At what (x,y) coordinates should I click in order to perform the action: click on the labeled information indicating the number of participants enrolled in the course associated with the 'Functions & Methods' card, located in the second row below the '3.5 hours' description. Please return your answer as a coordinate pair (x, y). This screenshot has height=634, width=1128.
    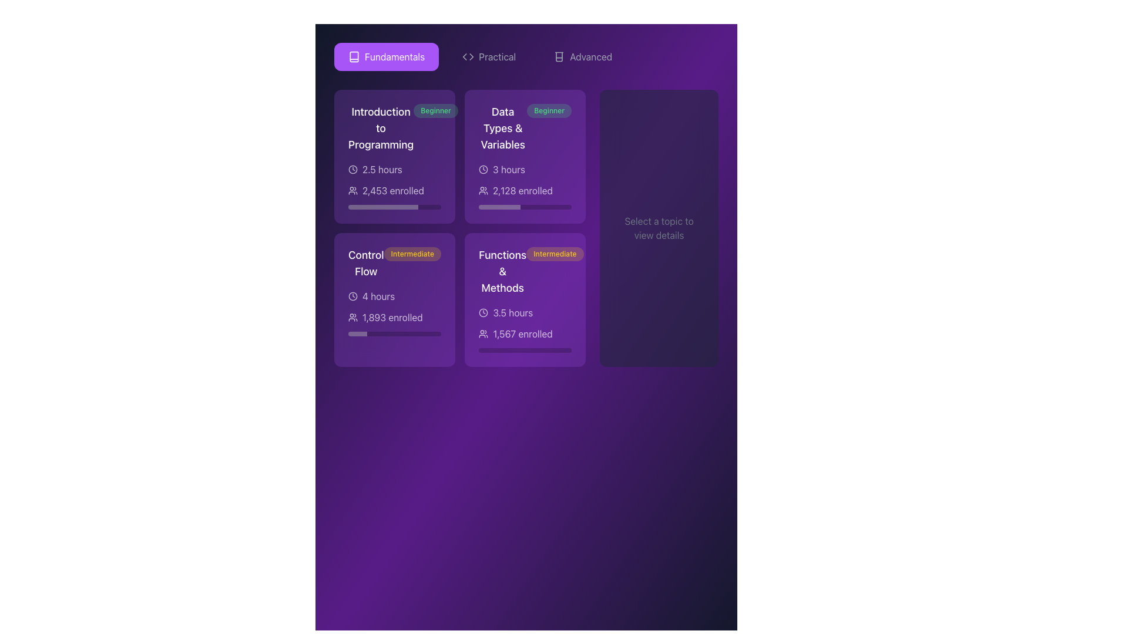
    Looking at the image, I should click on (524, 334).